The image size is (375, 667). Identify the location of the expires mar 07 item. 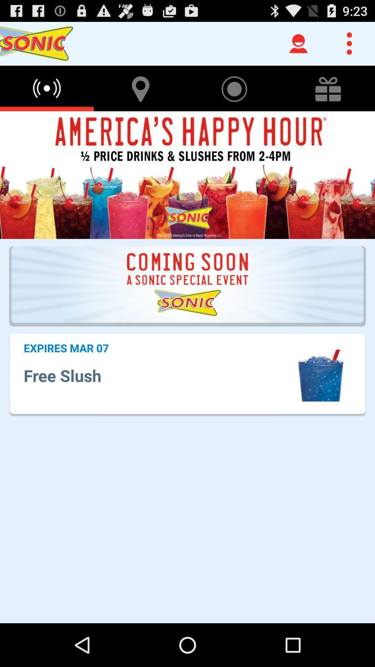
(66, 348).